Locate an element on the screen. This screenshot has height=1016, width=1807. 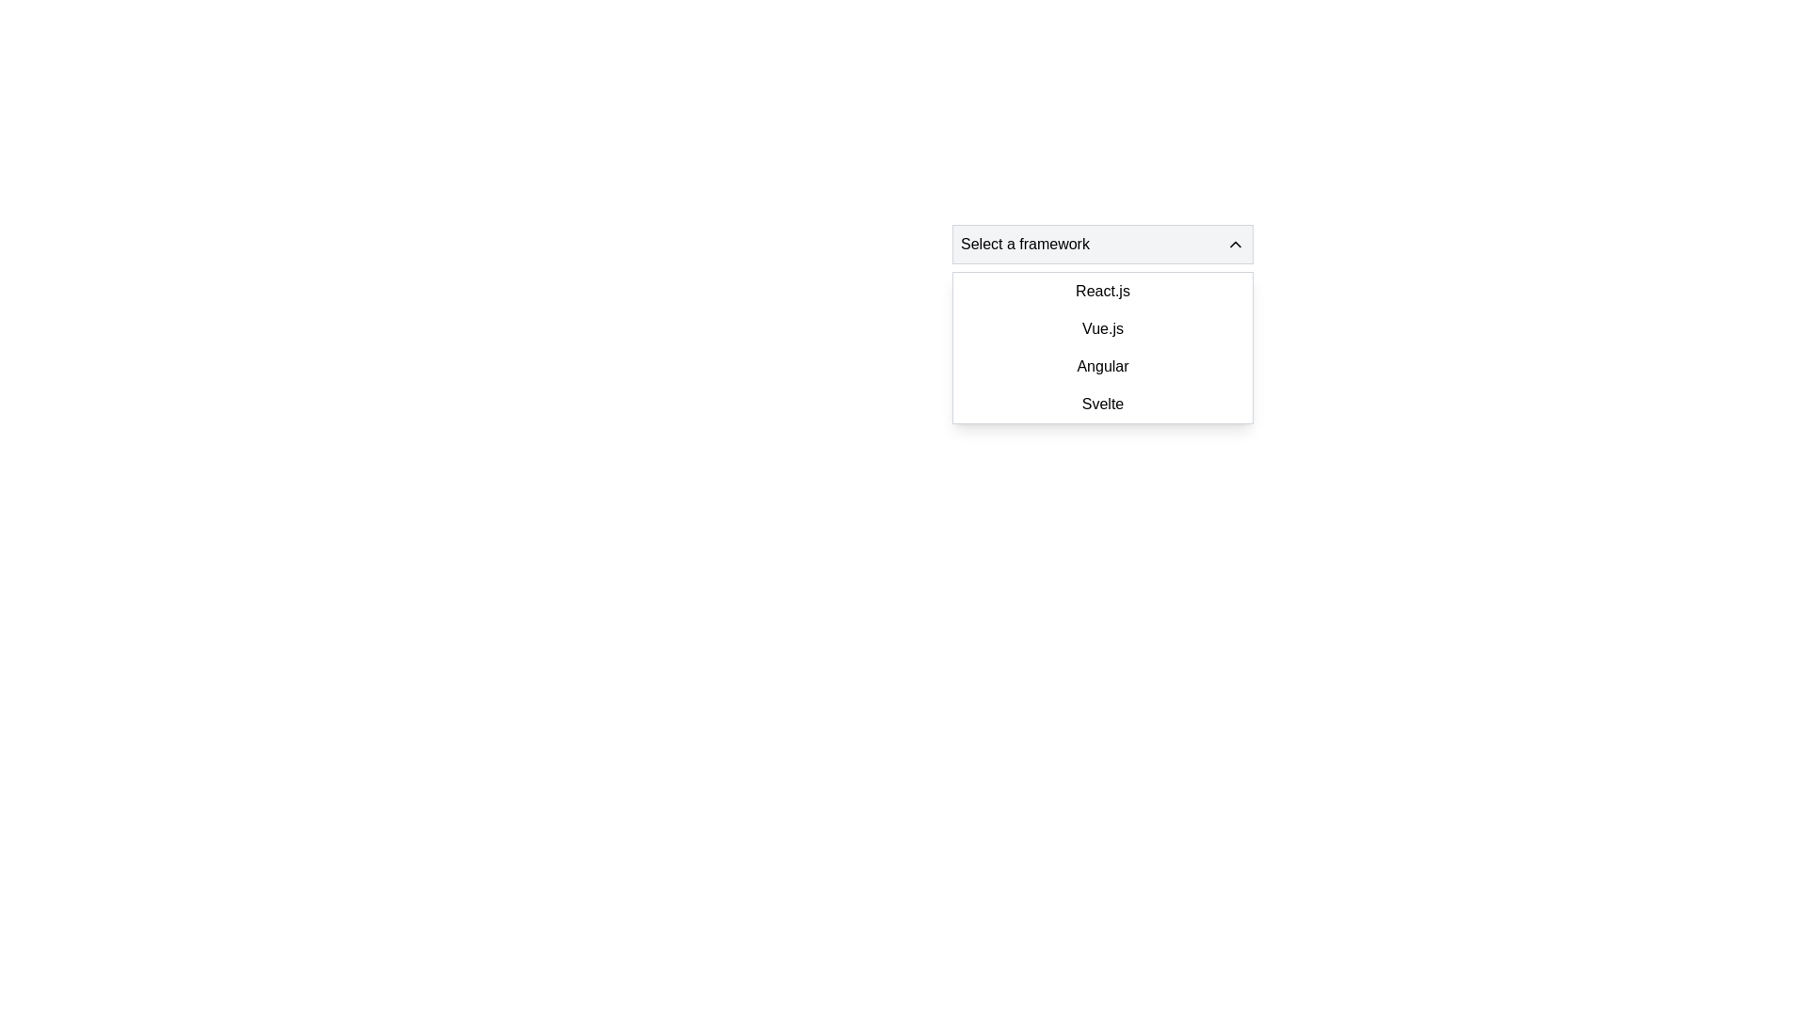
the dropdown menu titled 'Select a framework' is located at coordinates (1102, 243).